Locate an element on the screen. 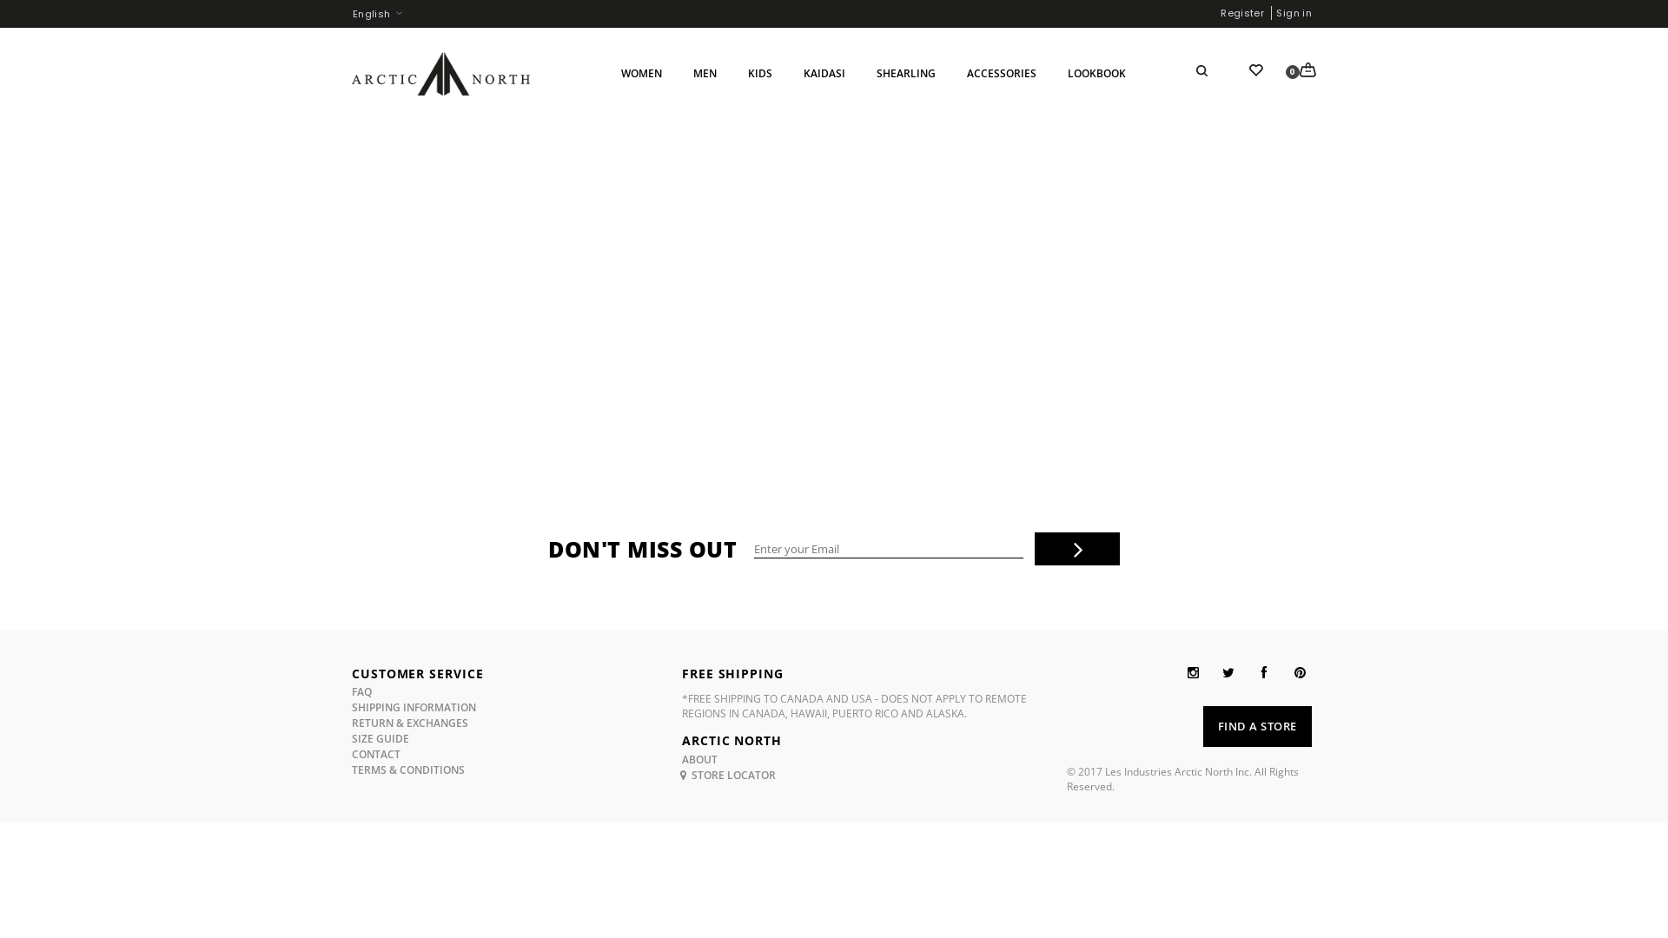  'FAQ' is located at coordinates (350, 690).